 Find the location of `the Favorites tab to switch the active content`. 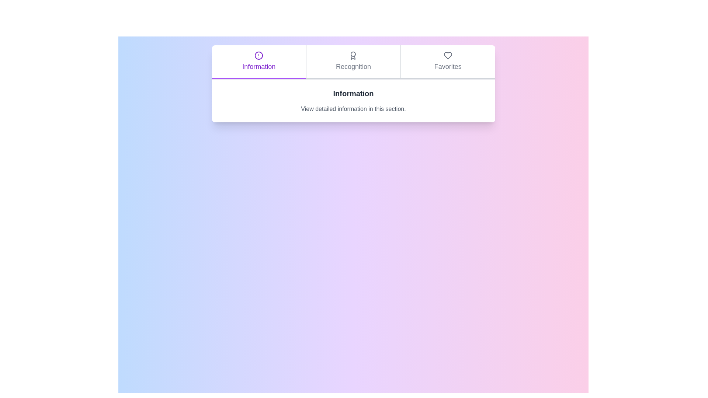

the Favorites tab to switch the active content is located at coordinates (447, 62).